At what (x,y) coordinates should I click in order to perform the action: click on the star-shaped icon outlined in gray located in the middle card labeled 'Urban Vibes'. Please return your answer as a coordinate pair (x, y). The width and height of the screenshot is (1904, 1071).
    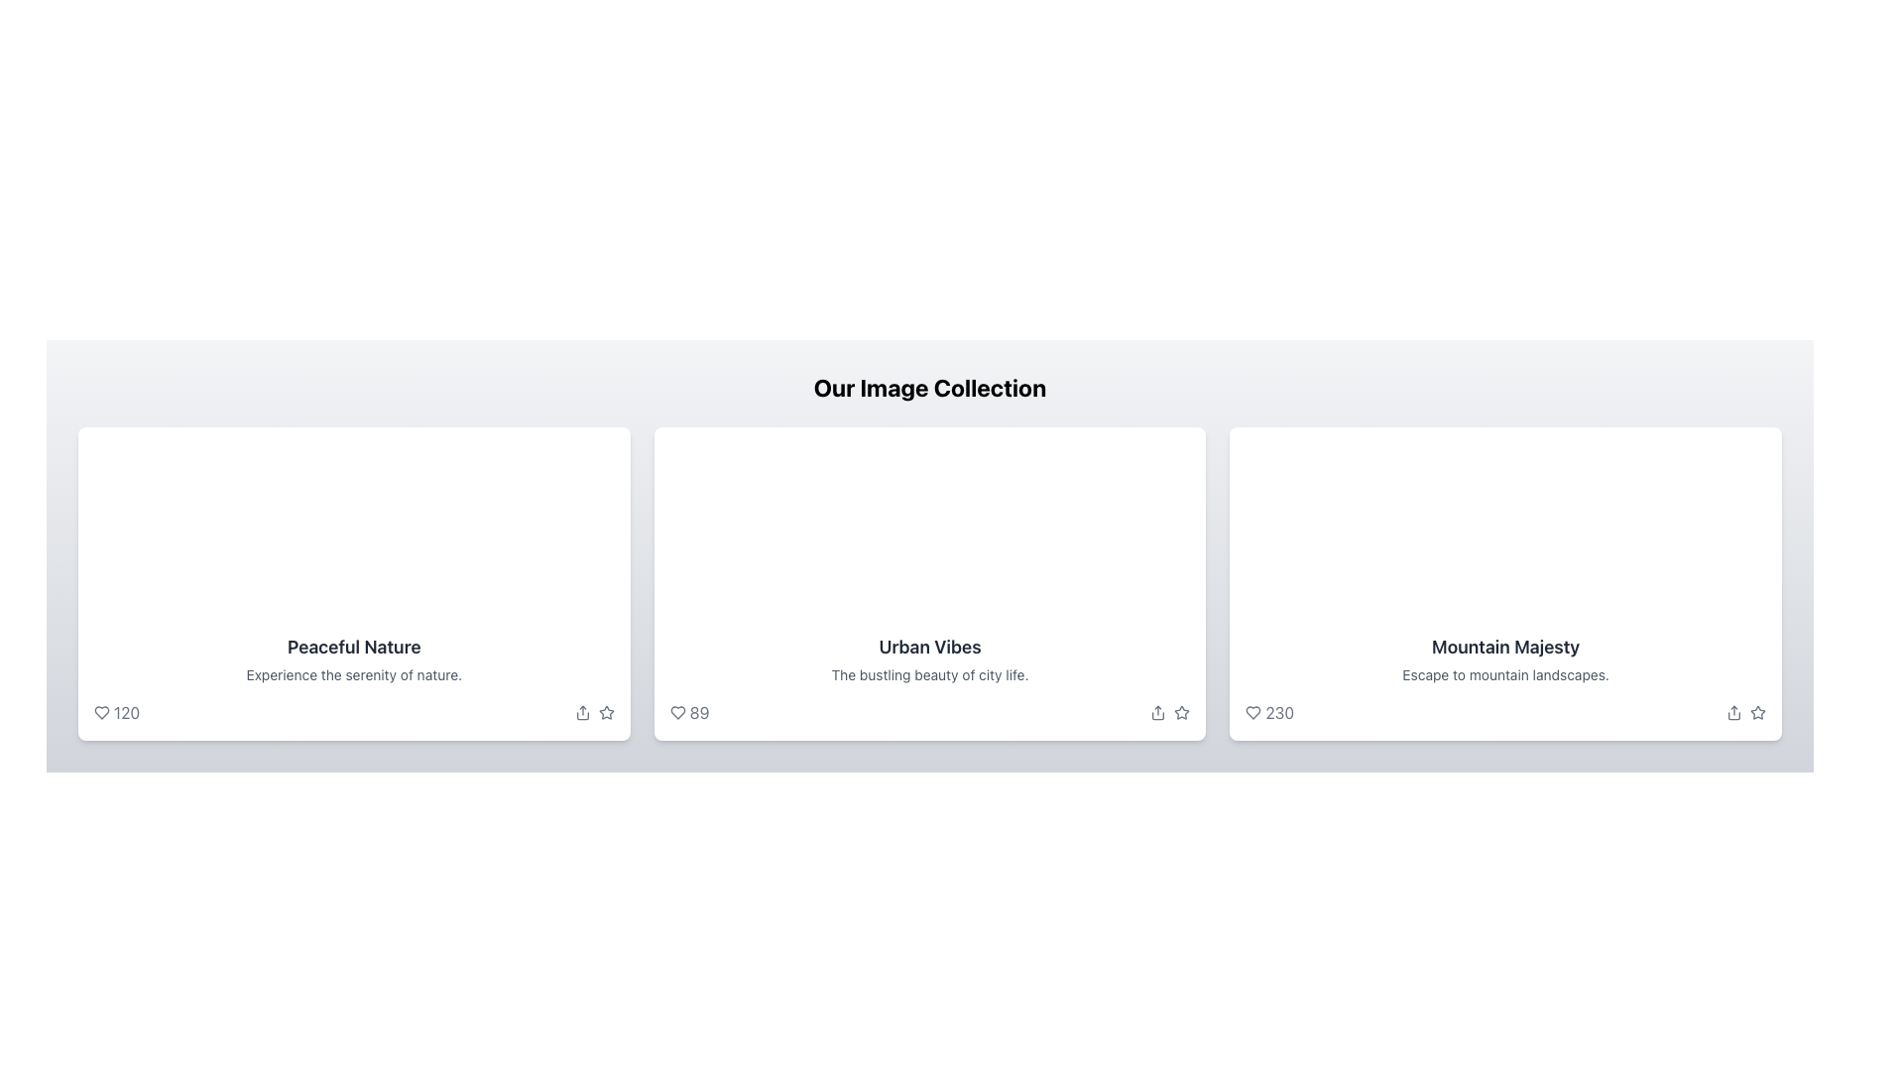
    Looking at the image, I should click on (1181, 710).